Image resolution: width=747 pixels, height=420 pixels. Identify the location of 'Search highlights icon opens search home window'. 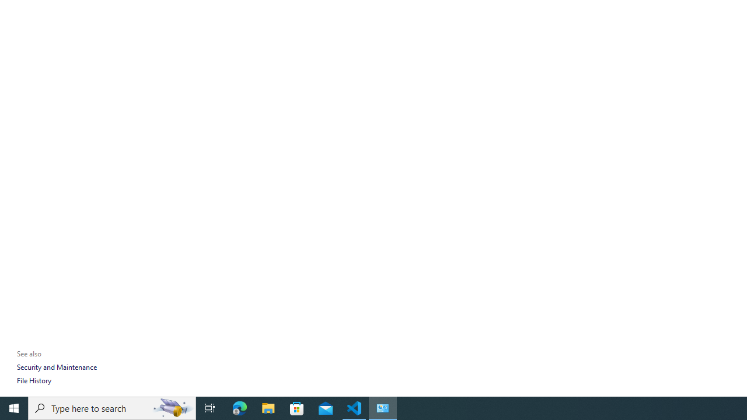
(172, 407).